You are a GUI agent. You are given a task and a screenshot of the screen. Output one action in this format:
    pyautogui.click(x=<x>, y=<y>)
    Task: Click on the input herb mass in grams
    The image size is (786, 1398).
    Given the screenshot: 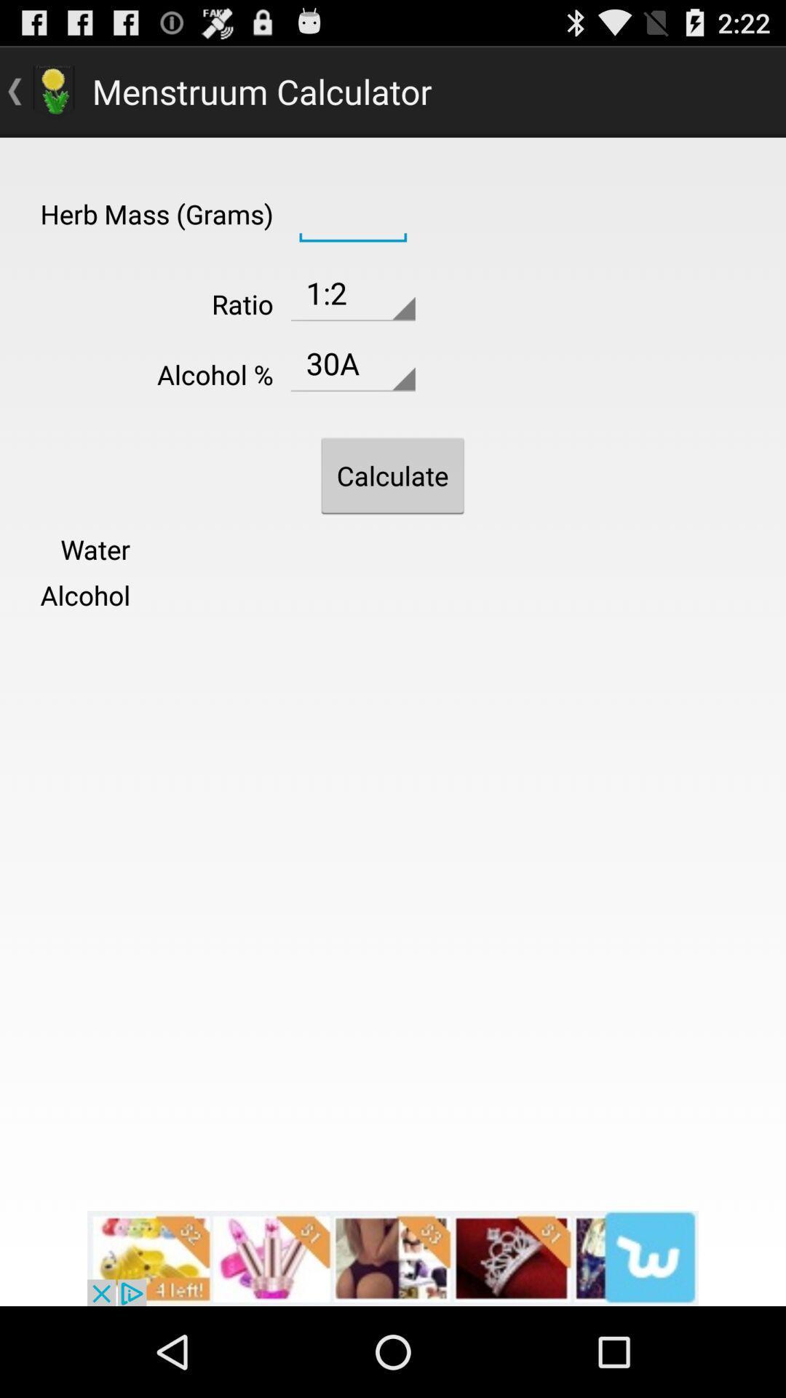 What is the action you would take?
    pyautogui.click(x=353, y=212)
    